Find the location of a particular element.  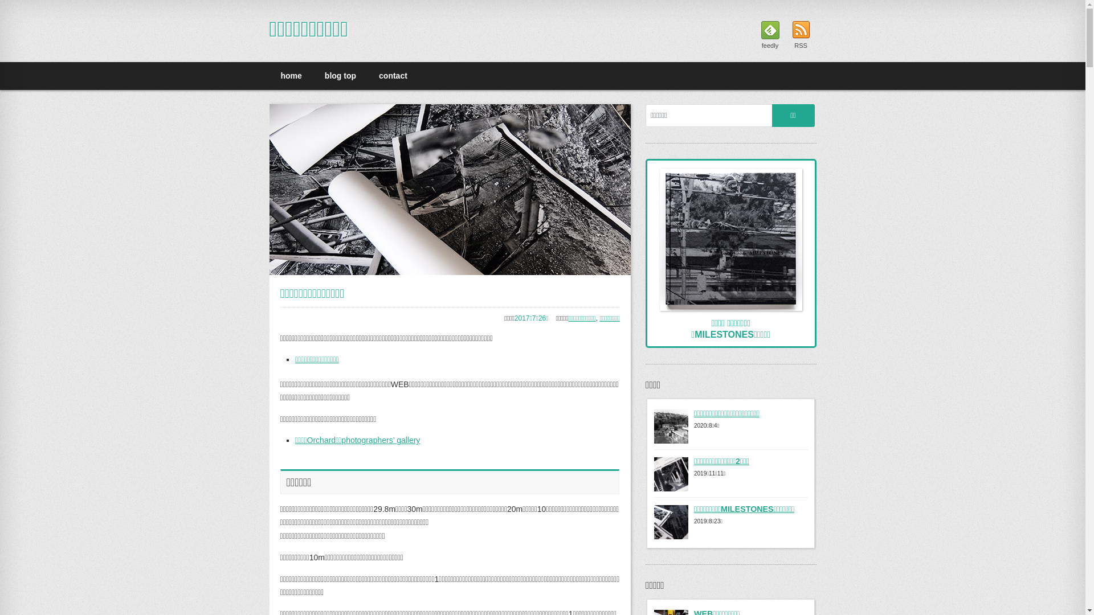

'home' is located at coordinates (291, 75).